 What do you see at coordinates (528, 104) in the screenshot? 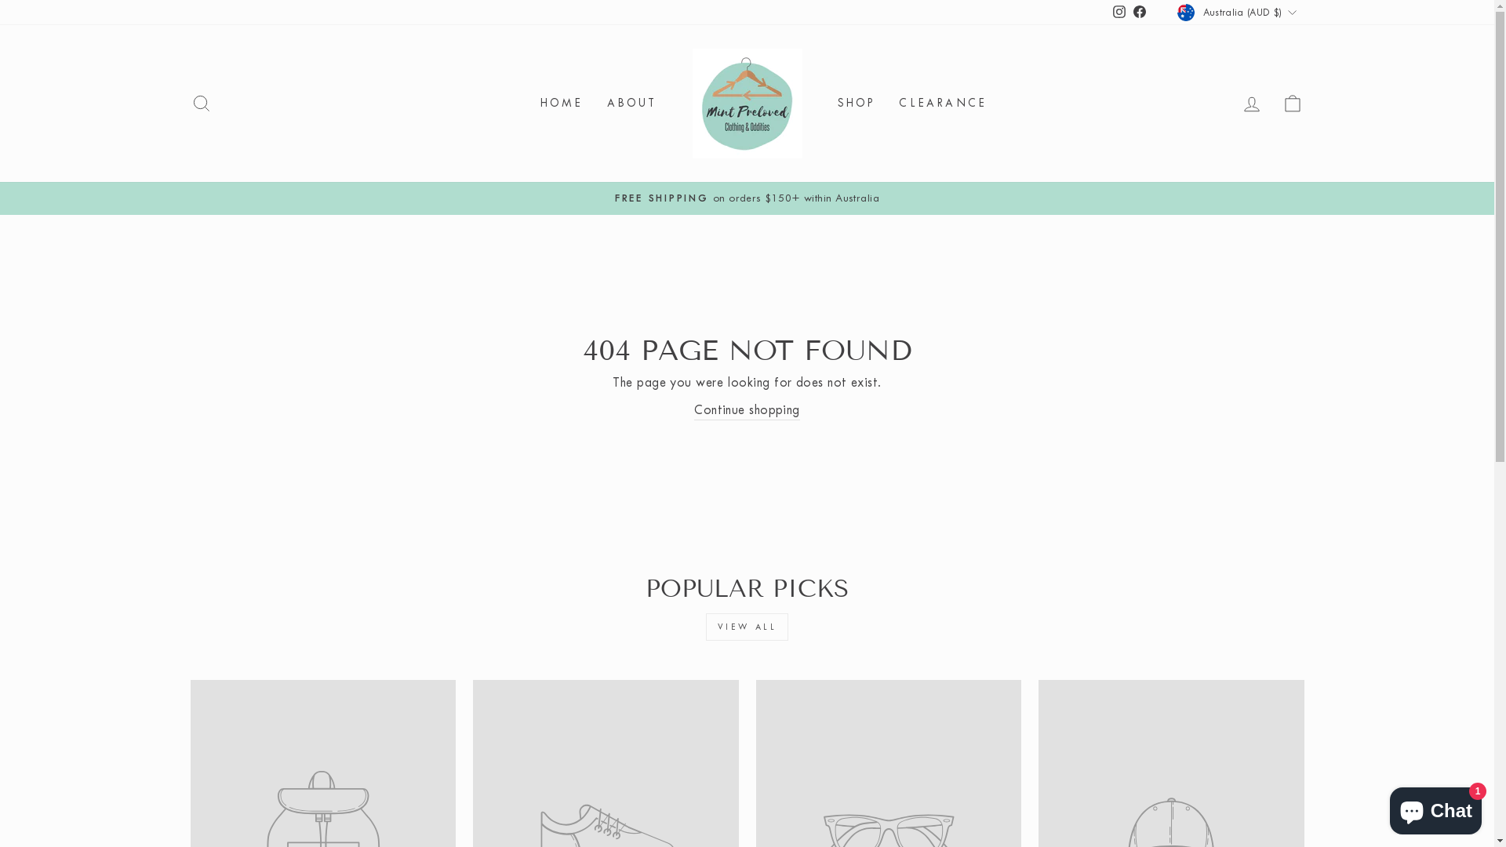
I see `'HOME'` at bounding box center [528, 104].